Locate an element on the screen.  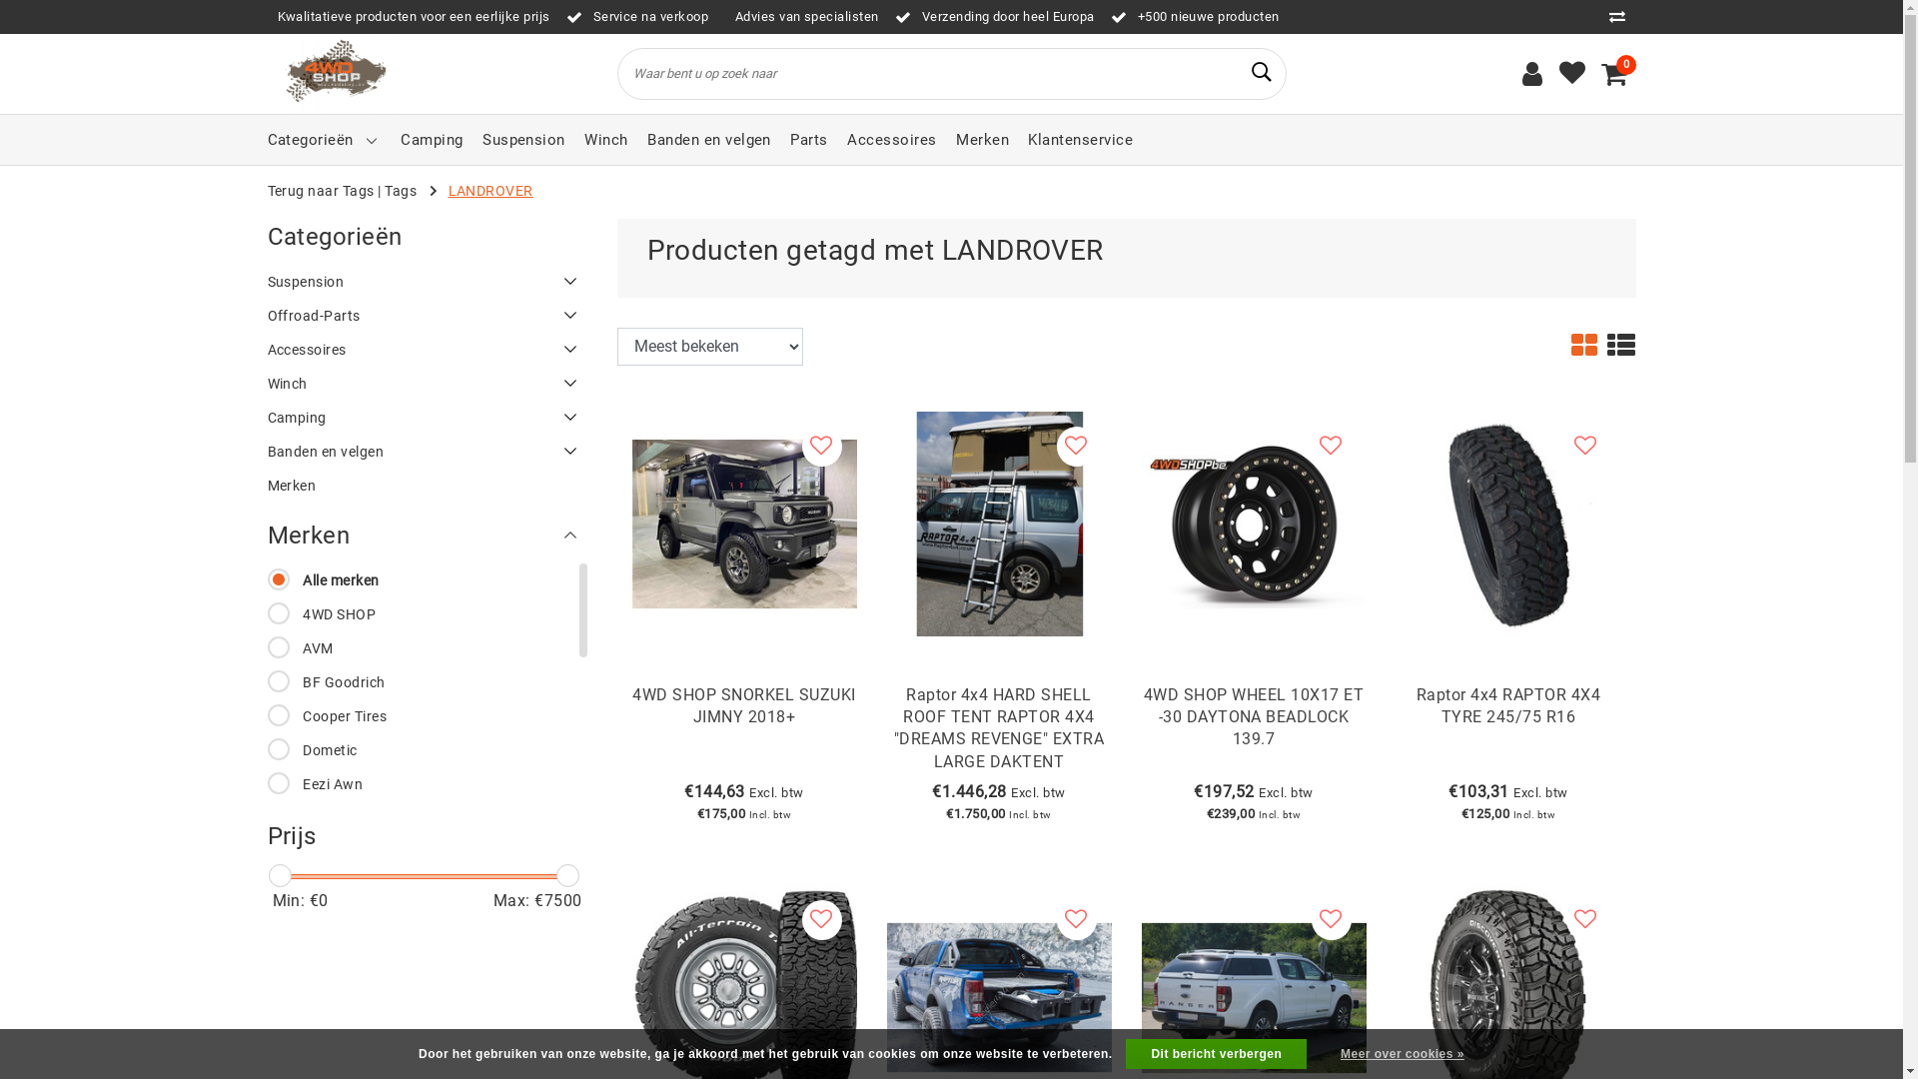
'DECKED bed storage systems - Ford Ranger (2012 -)' is located at coordinates (999, 995).